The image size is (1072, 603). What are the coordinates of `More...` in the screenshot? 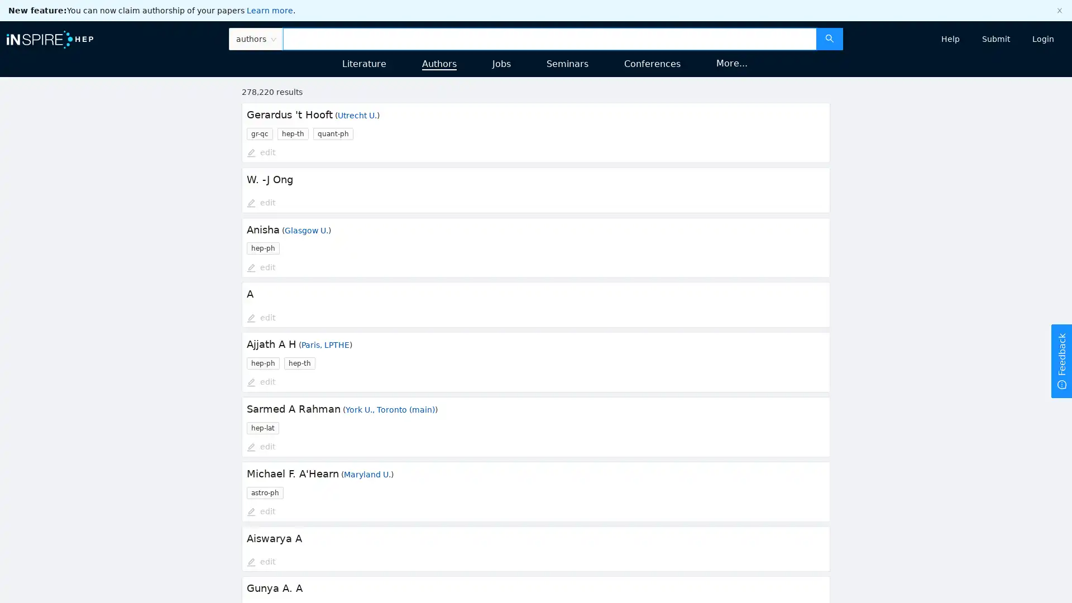 It's located at (731, 63).